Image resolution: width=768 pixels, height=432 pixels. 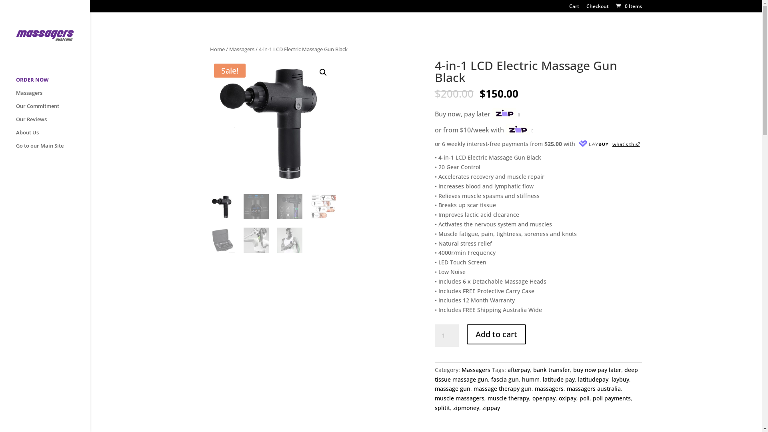 What do you see at coordinates (584, 398) in the screenshot?
I see `'poli'` at bounding box center [584, 398].